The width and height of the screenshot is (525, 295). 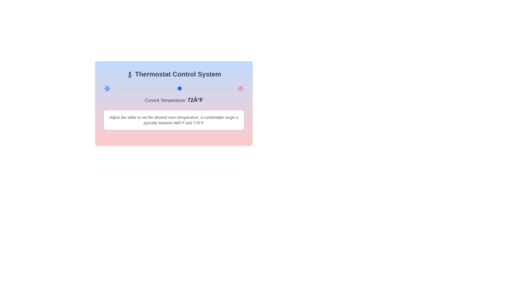 I want to click on the temperature slider to set the temperature to 74°F, so click(x=186, y=88).